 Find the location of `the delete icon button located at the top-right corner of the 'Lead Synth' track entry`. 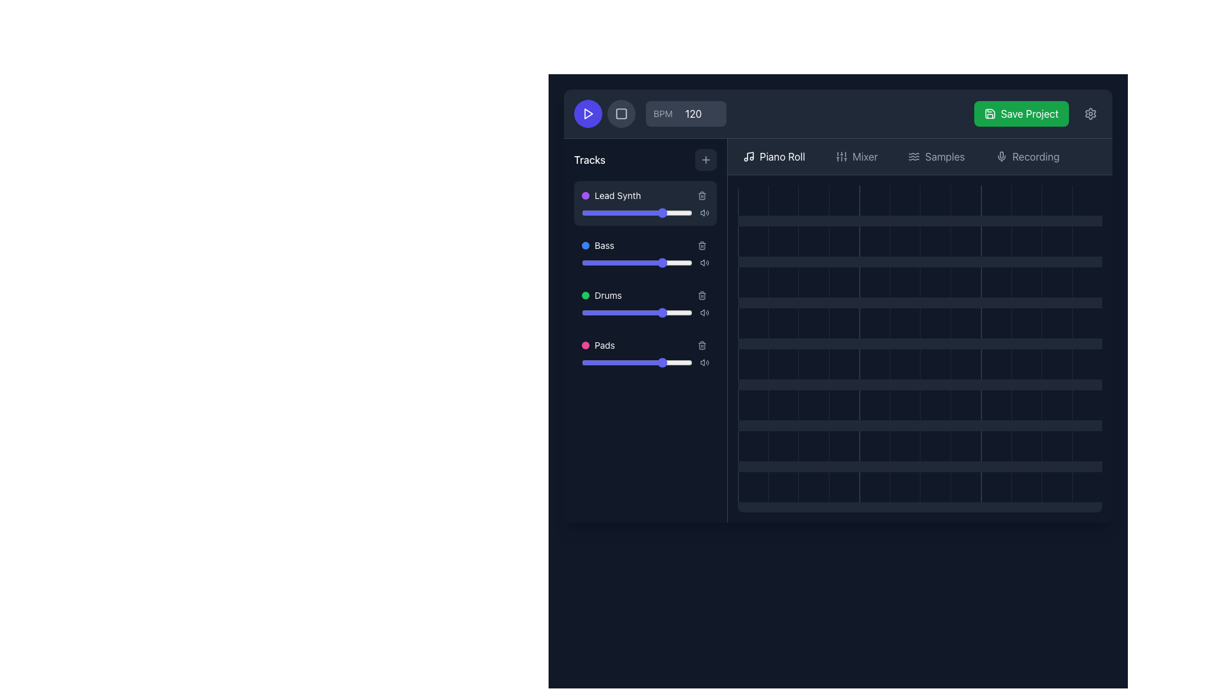

the delete icon button located at the top-right corner of the 'Lead Synth' track entry is located at coordinates (702, 195).